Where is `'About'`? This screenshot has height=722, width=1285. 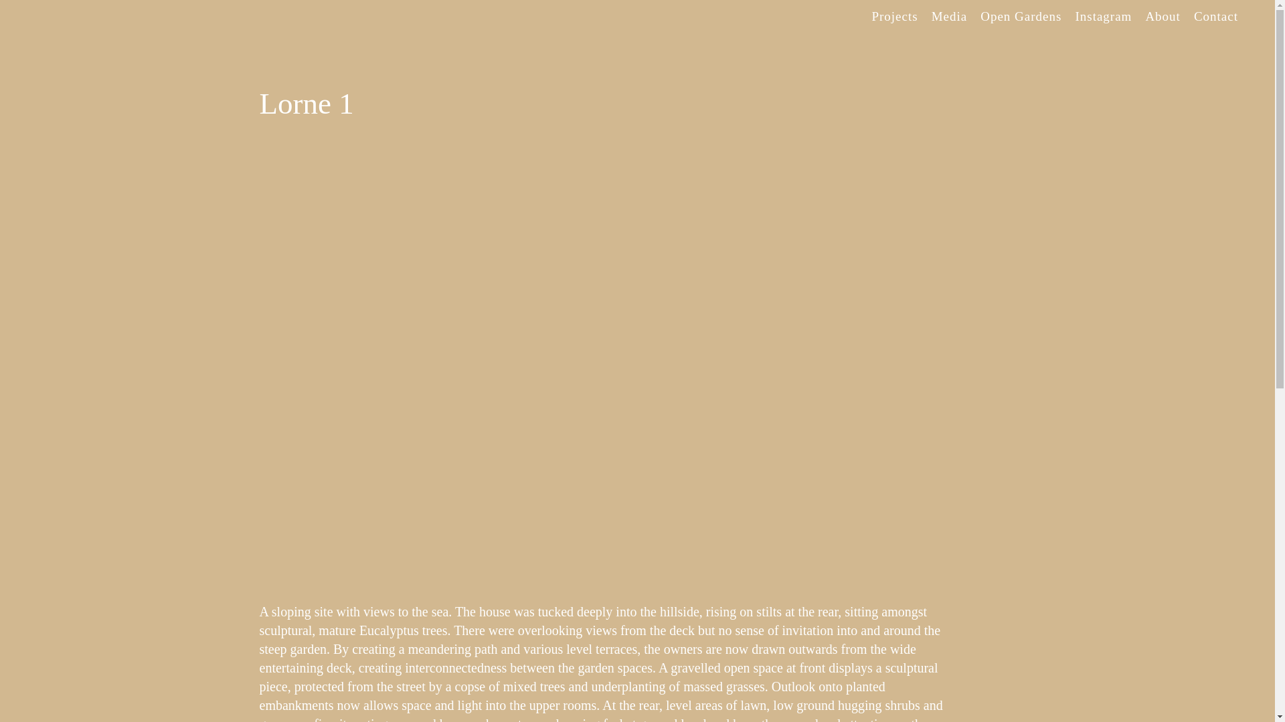
'About' is located at coordinates (1137, 16).